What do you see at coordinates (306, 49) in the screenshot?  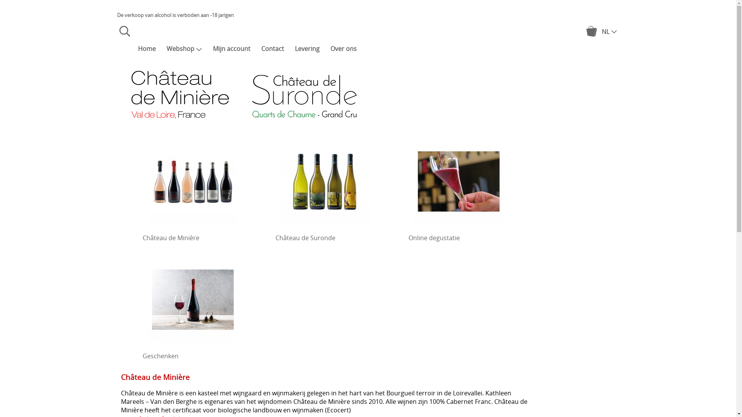 I see `'Levering'` at bounding box center [306, 49].